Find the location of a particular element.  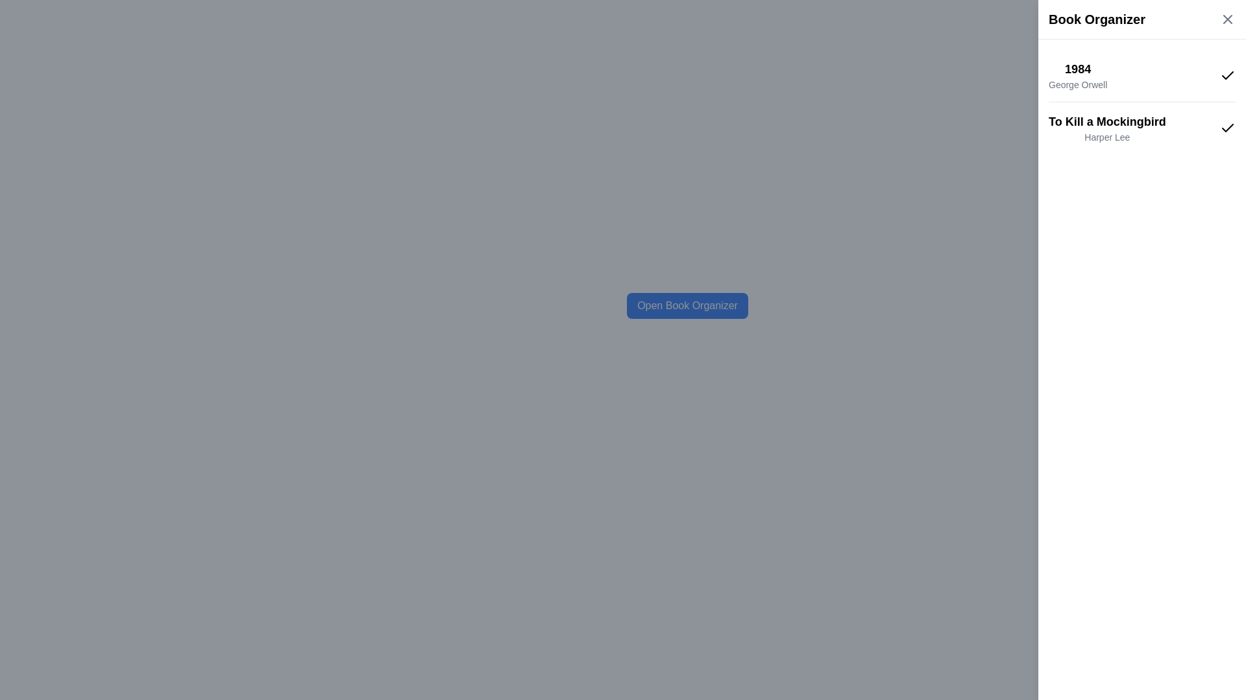

the checkmark icon button indicating the 'read' status for '1984' by George Orwell is located at coordinates (1227, 75).